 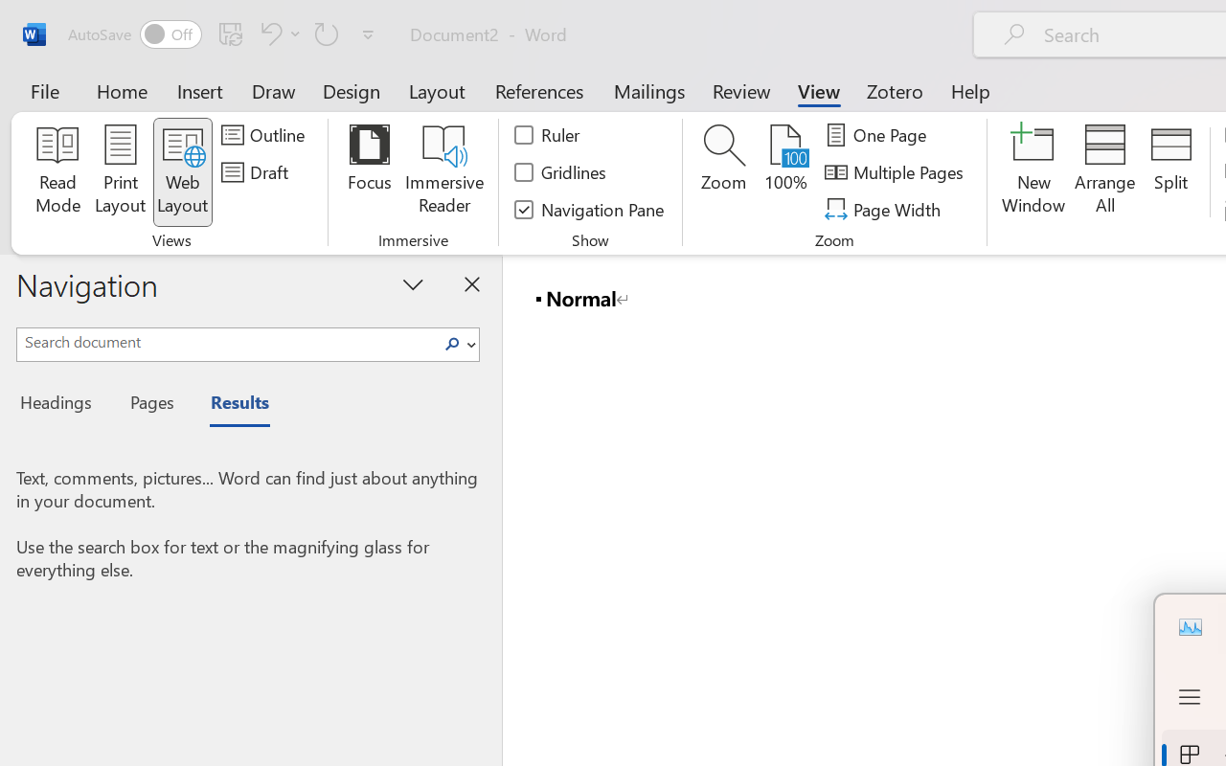 What do you see at coordinates (970, 90) in the screenshot?
I see `'Help'` at bounding box center [970, 90].